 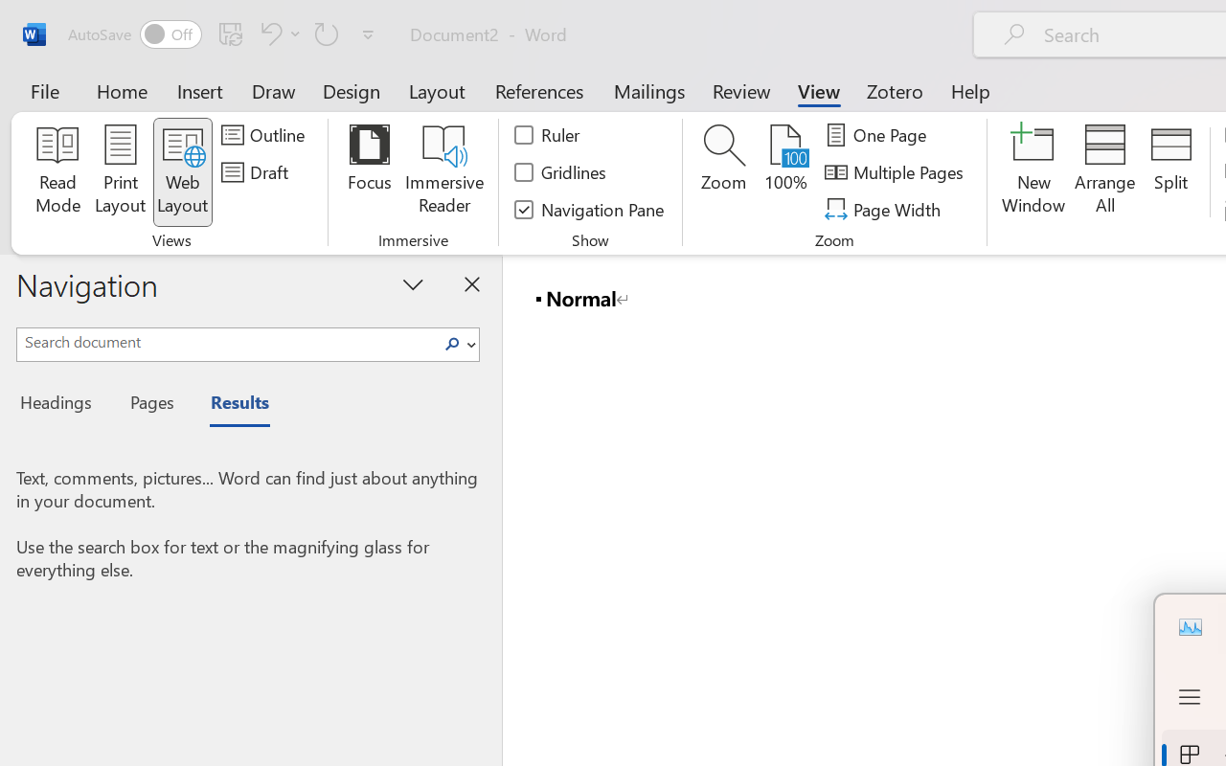 What do you see at coordinates (970, 90) in the screenshot?
I see `'Help'` at bounding box center [970, 90].